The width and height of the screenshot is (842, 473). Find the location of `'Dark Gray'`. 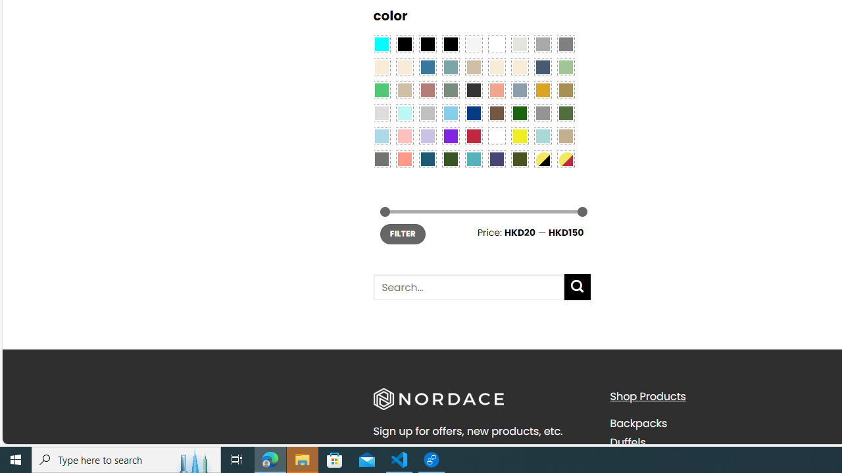

'Dark Gray' is located at coordinates (542, 43).